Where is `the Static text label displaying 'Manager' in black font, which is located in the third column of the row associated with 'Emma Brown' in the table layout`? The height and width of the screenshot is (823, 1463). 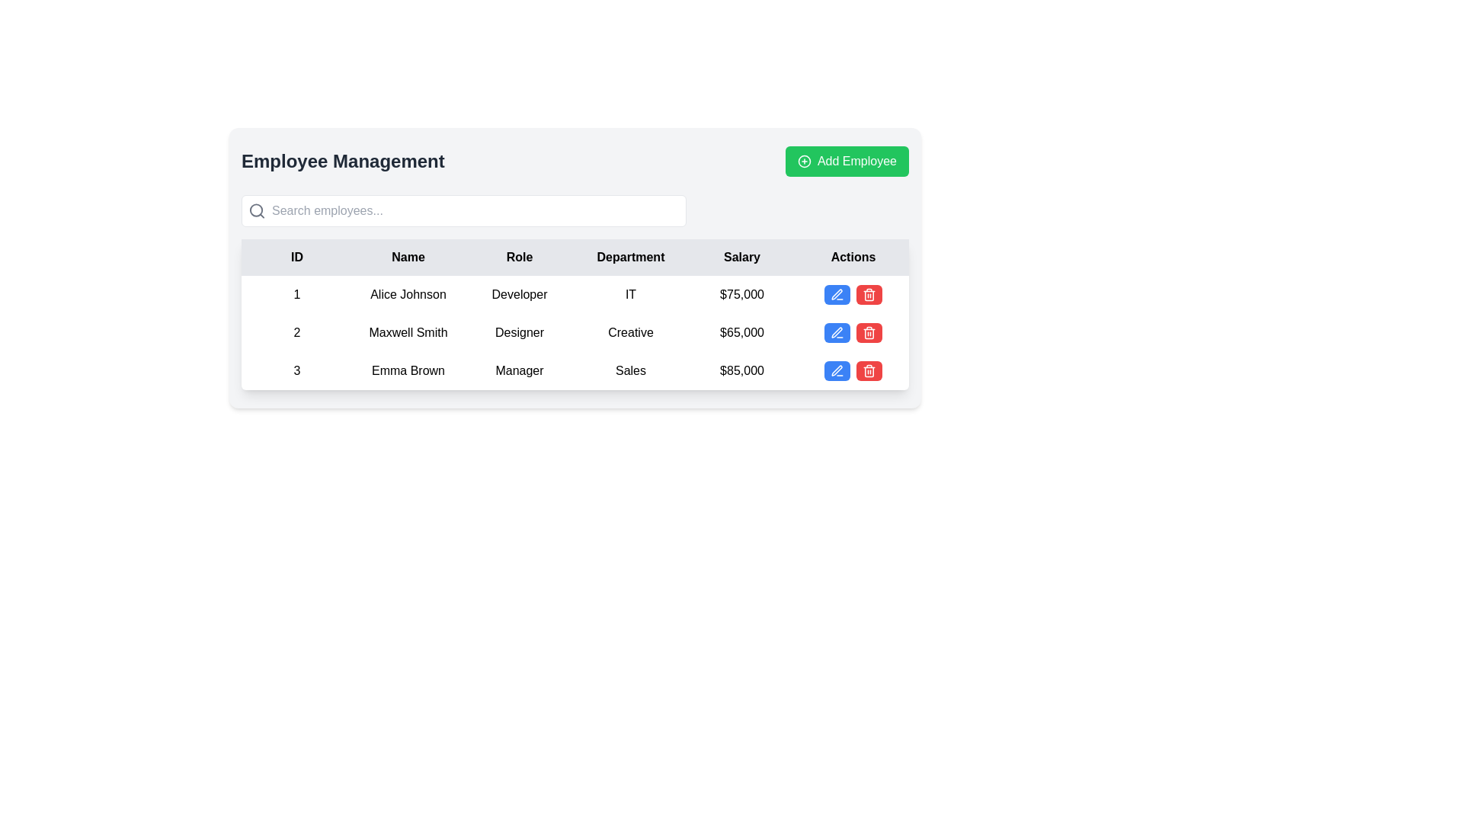 the Static text label displaying 'Manager' in black font, which is located in the third column of the row associated with 'Emma Brown' in the table layout is located at coordinates (519, 370).